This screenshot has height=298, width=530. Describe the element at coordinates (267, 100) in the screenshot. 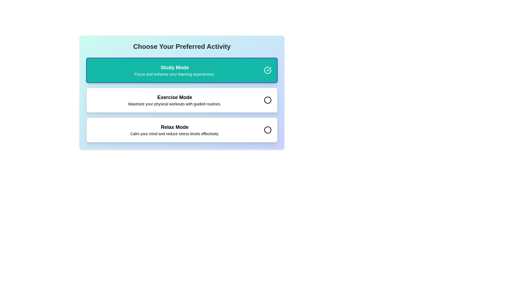

I see `the radio button for 'Exercise Mode' located above the label 'Maximize your physical workouts with guided routines.' and to the right of the 'Exercise Mode' title within the white card dedicated to 'Exercise Mode'` at that location.